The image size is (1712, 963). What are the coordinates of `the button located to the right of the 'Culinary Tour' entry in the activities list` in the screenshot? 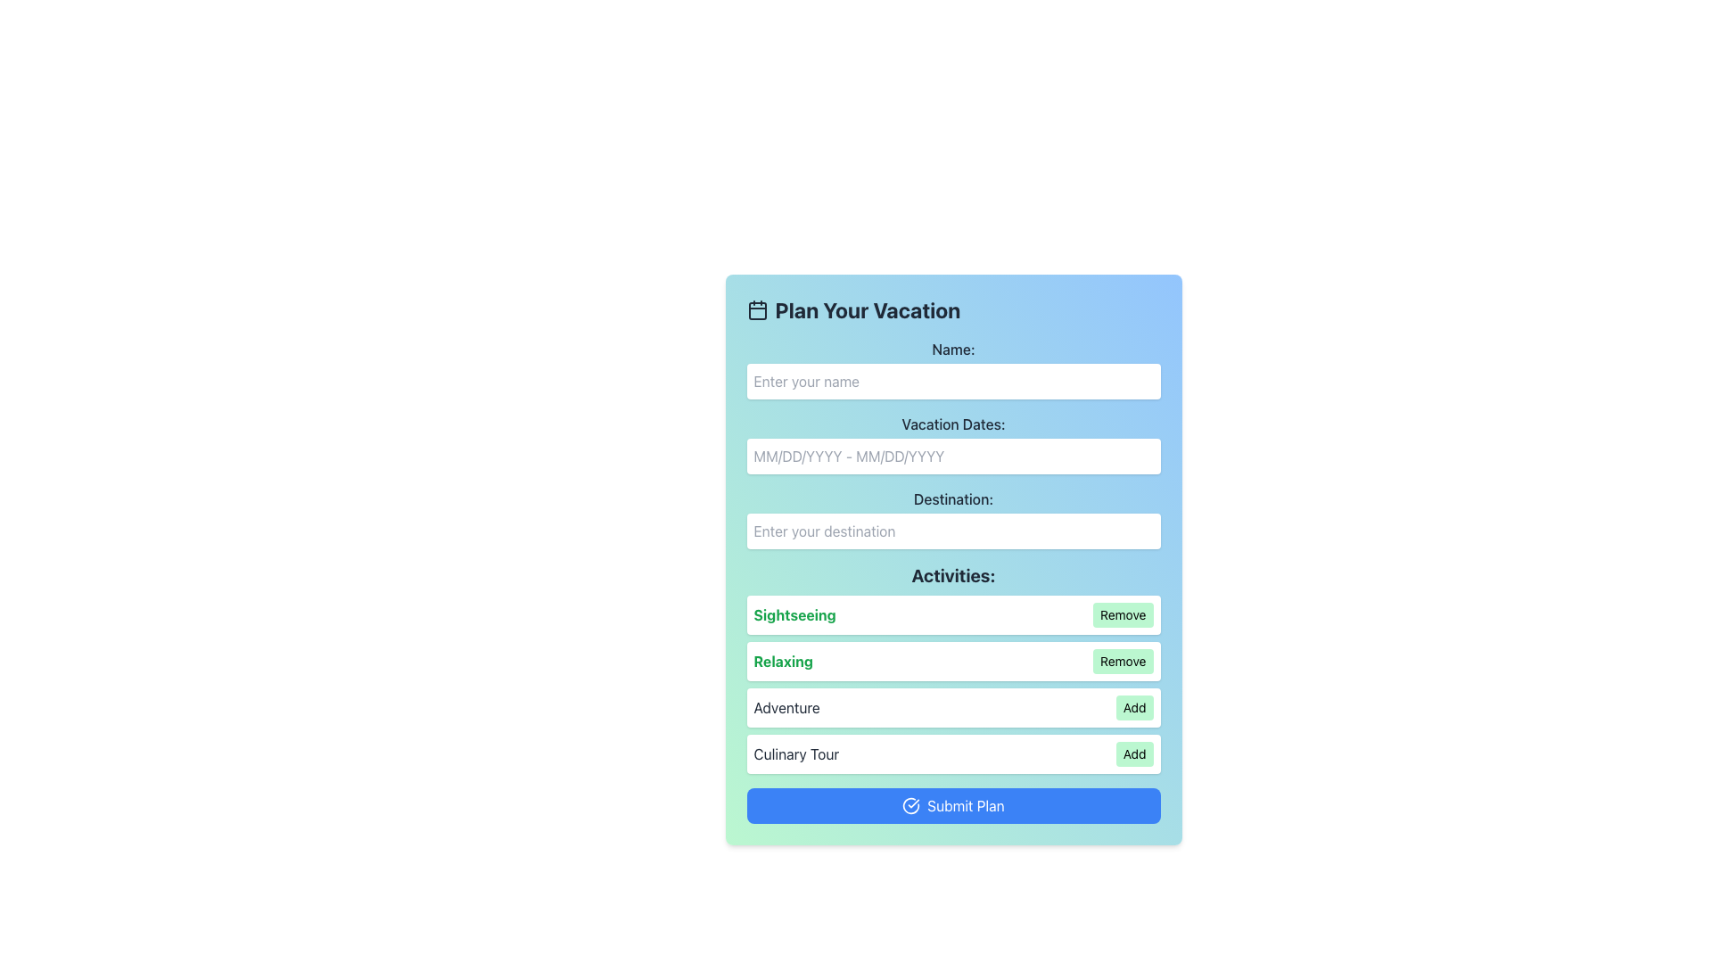 It's located at (1133, 753).